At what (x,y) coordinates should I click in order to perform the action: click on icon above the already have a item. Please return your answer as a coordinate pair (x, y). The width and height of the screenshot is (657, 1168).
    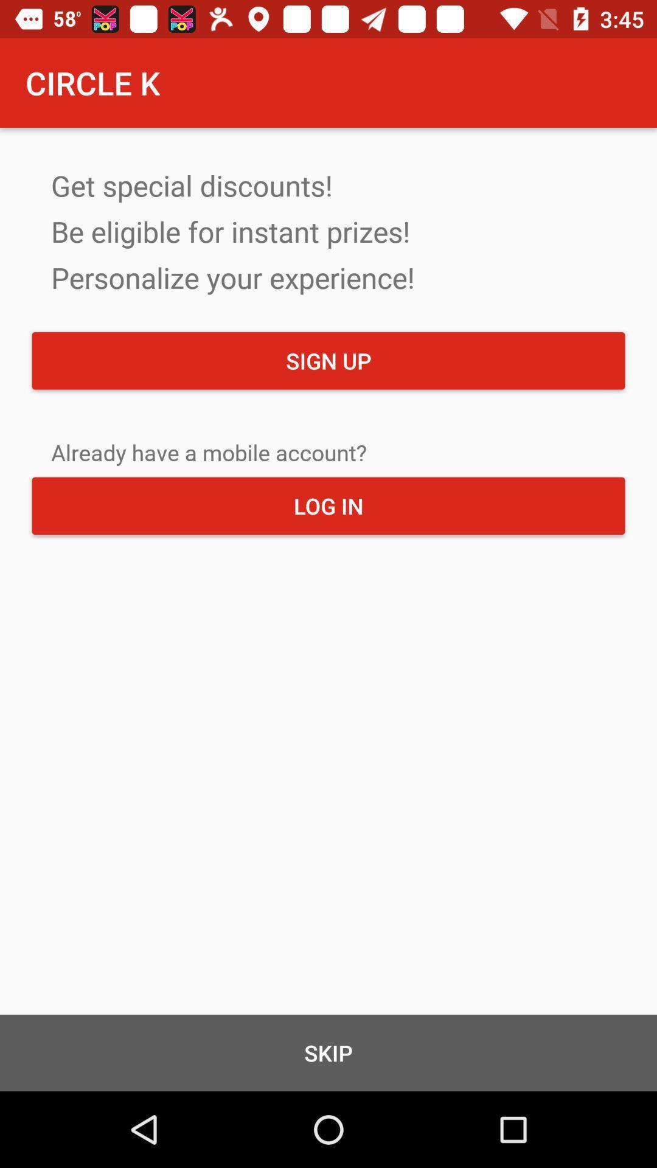
    Looking at the image, I should click on (328, 360).